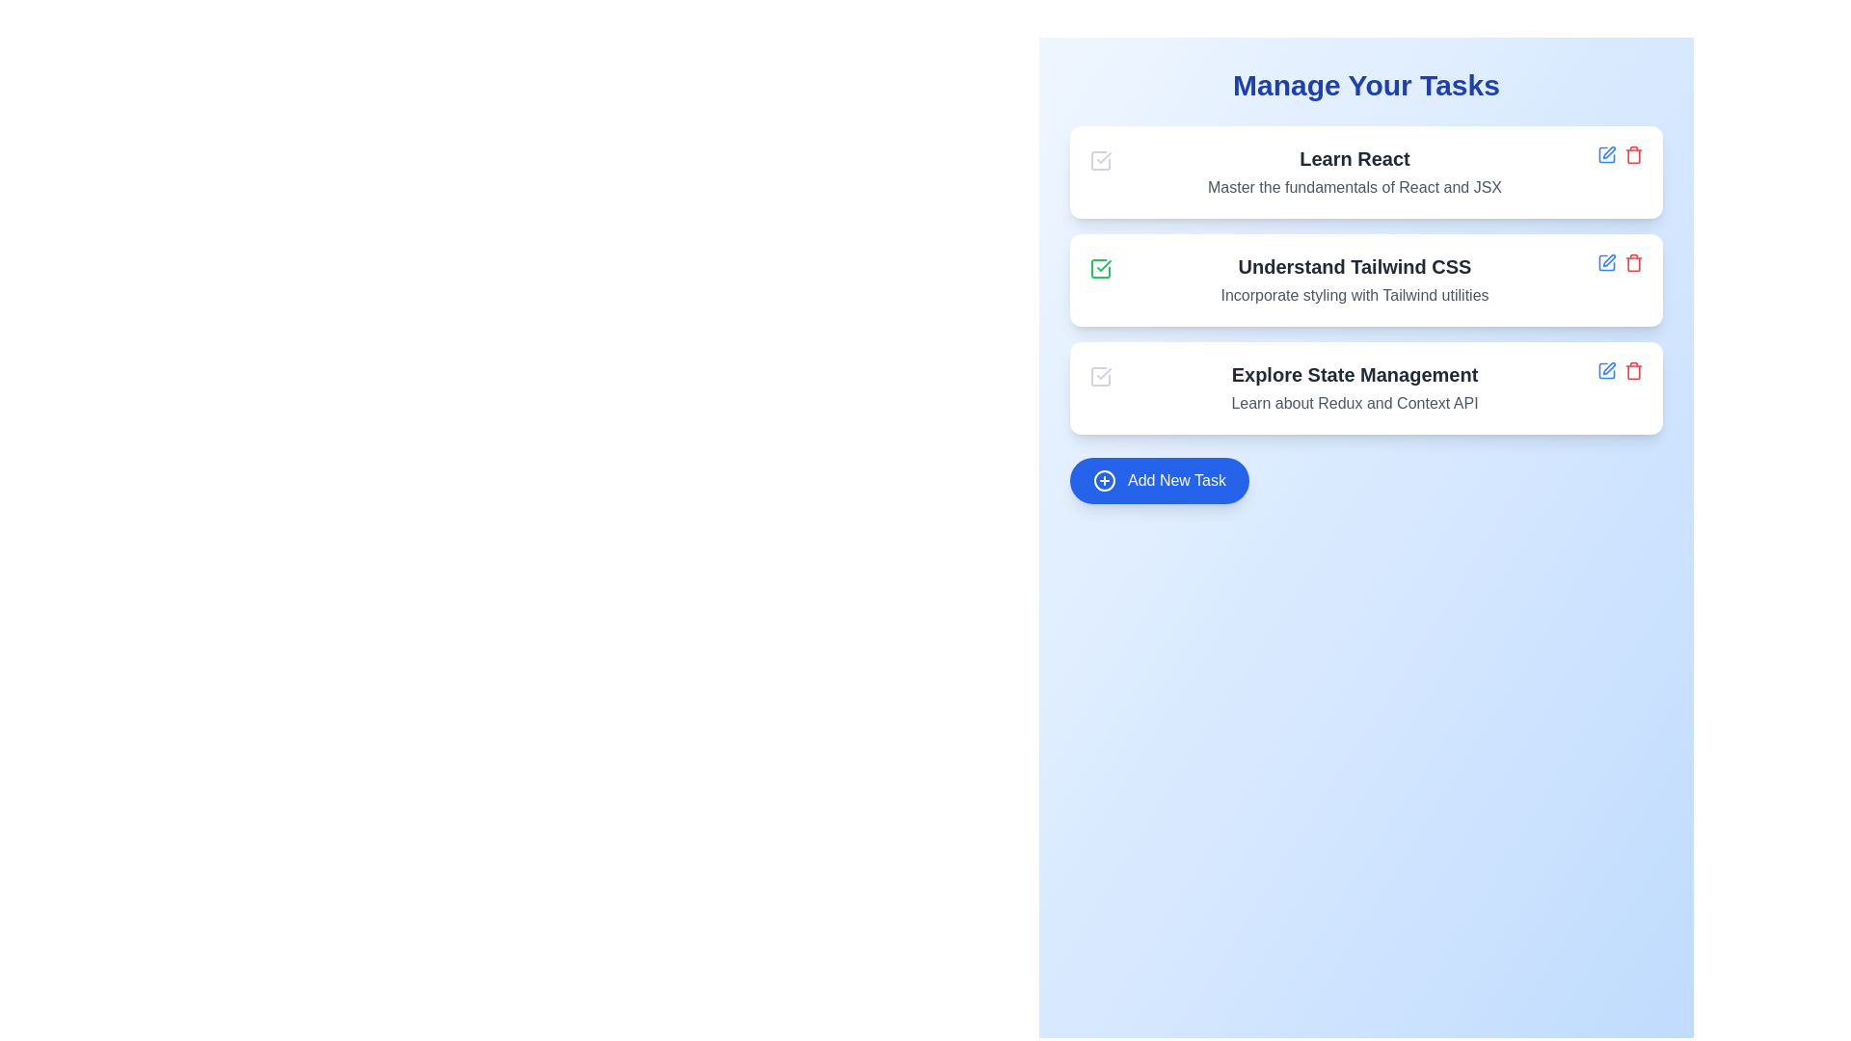 The height and width of the screenshot is (1041, 1851). What do you see at coordinates (1105, 479) in the screenshot?
I see `the 'Add New Task' icon located to the left of the 'Add New Task' button at the bottom of the right pane` at bounding box center [1105, 479].